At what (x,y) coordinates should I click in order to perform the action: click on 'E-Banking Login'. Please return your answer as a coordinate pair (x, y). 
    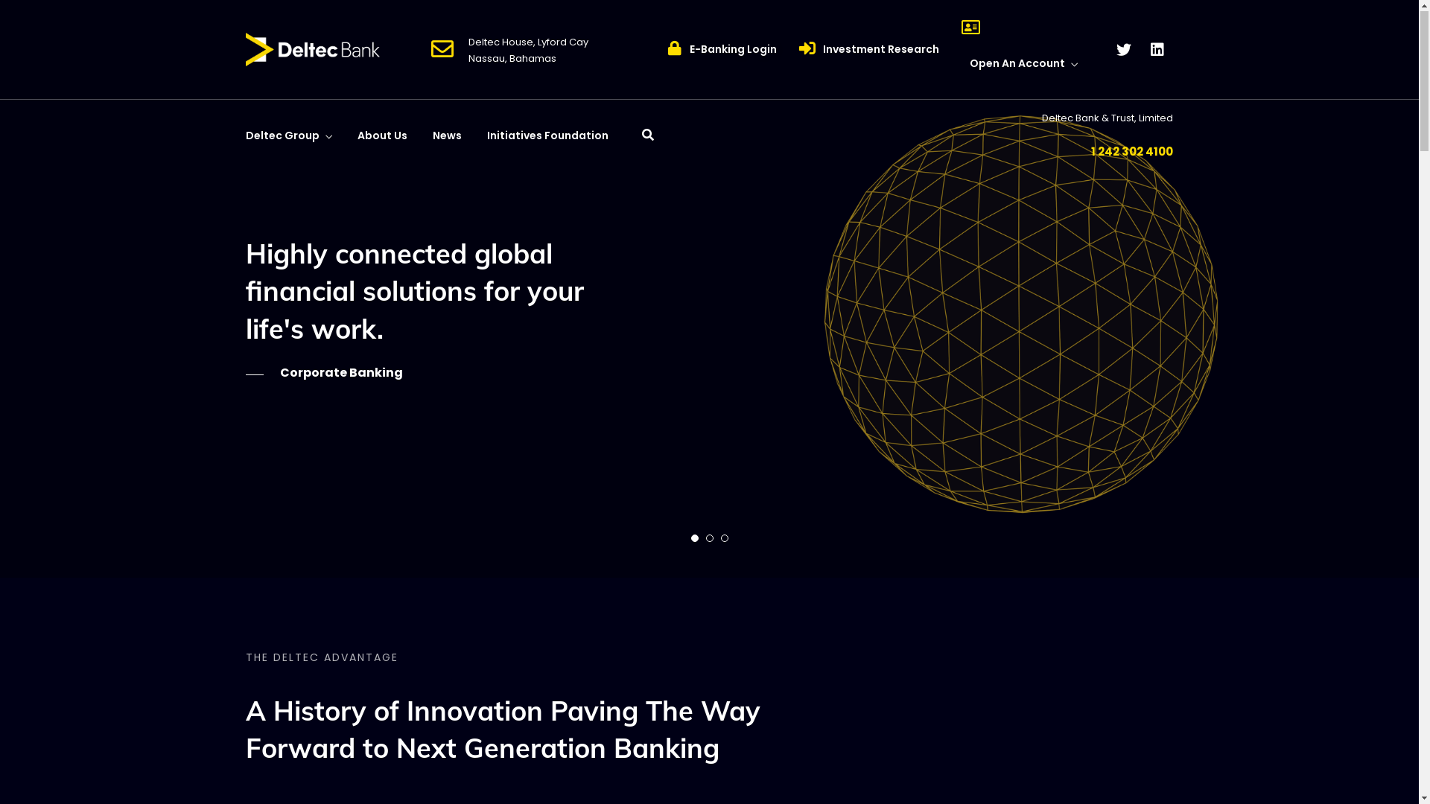
    Looking at the image, I should click on (733, 48).